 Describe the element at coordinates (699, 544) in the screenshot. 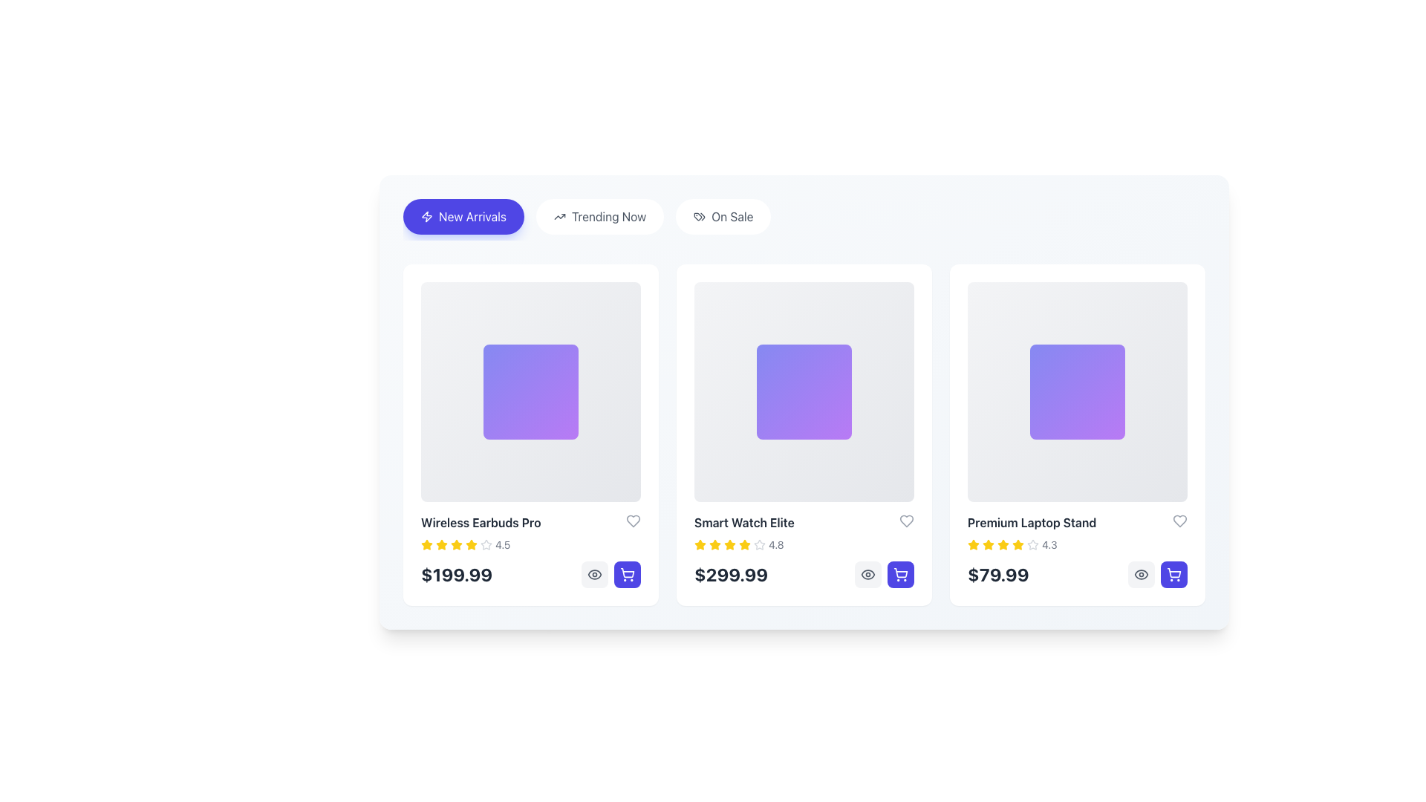

I see `the first filled star icon in the second product card's rating system, which visually represents a unit of rating` at that location.